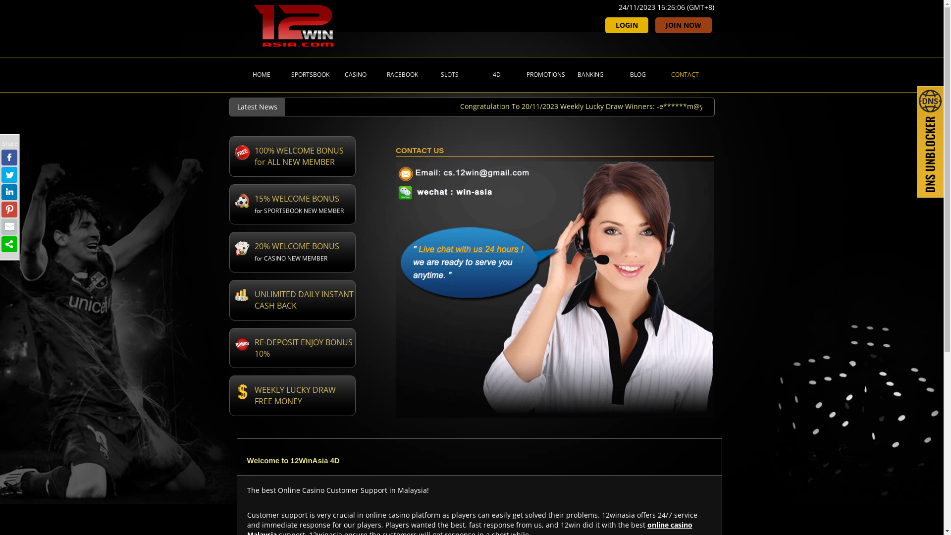 The width and height of the screenshot is (951, 535). Describe the element at coordinates (589, 74) in the screenshot. I see `'BANKING'` at that location.